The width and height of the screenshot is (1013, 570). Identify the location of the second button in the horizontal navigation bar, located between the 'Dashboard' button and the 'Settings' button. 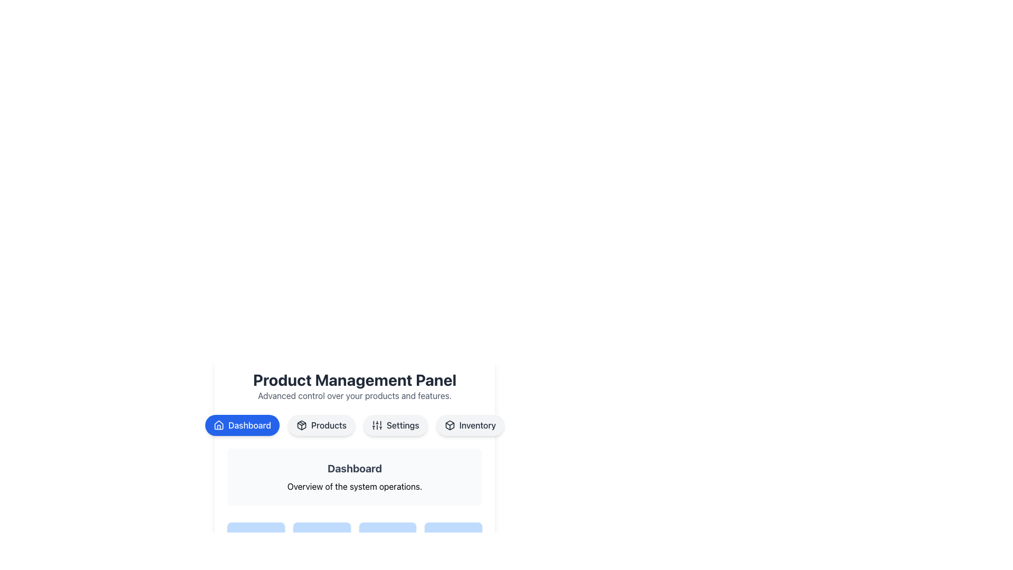
(321, 425).